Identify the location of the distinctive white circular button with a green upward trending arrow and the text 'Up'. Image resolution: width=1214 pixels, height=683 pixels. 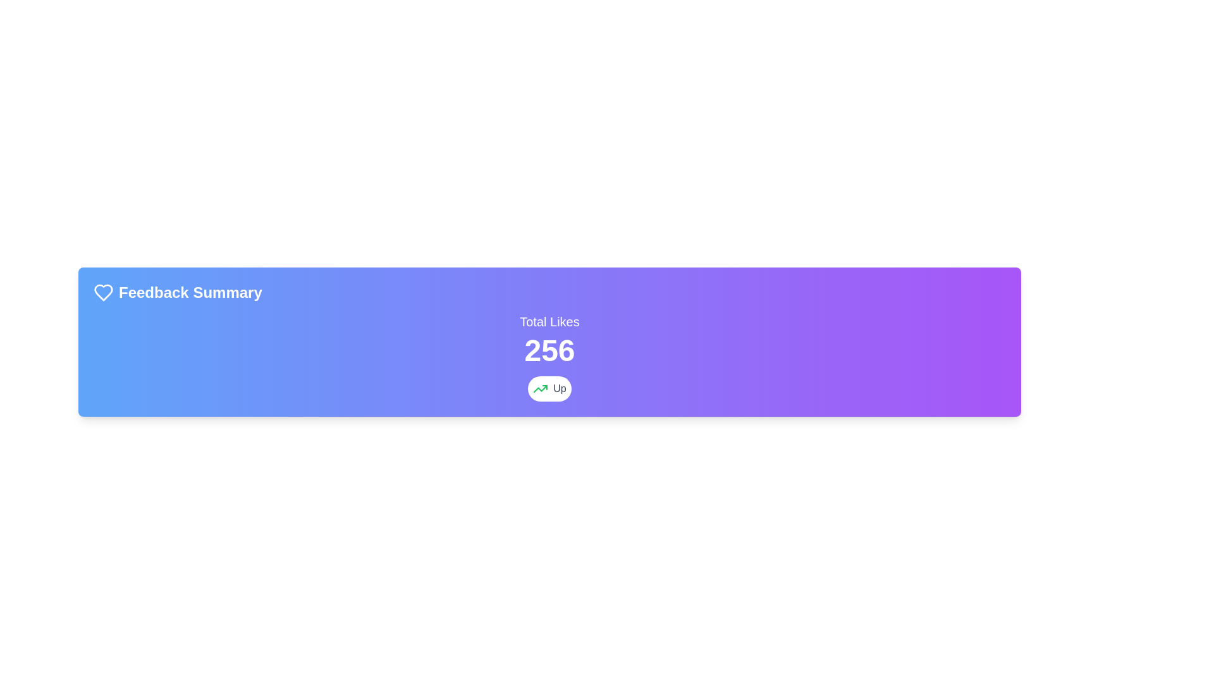
(549, 388).